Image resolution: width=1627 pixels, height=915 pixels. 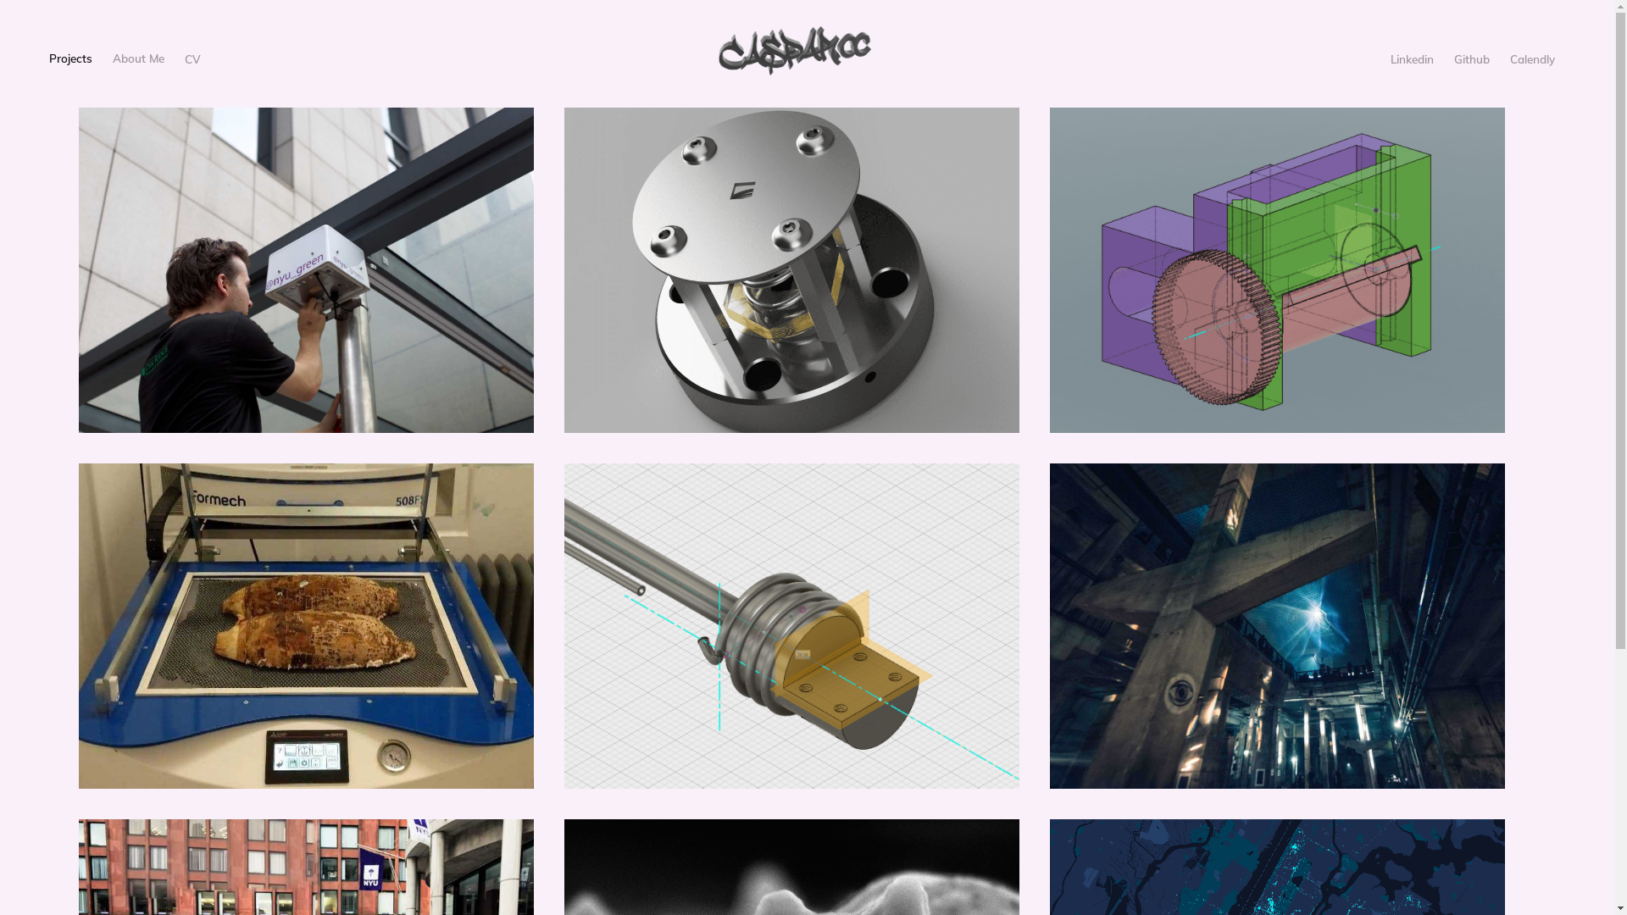 What do you see at coordinates (192, 58) in the screenshot?
I see `'CV'` at bounding box center [192, 58].